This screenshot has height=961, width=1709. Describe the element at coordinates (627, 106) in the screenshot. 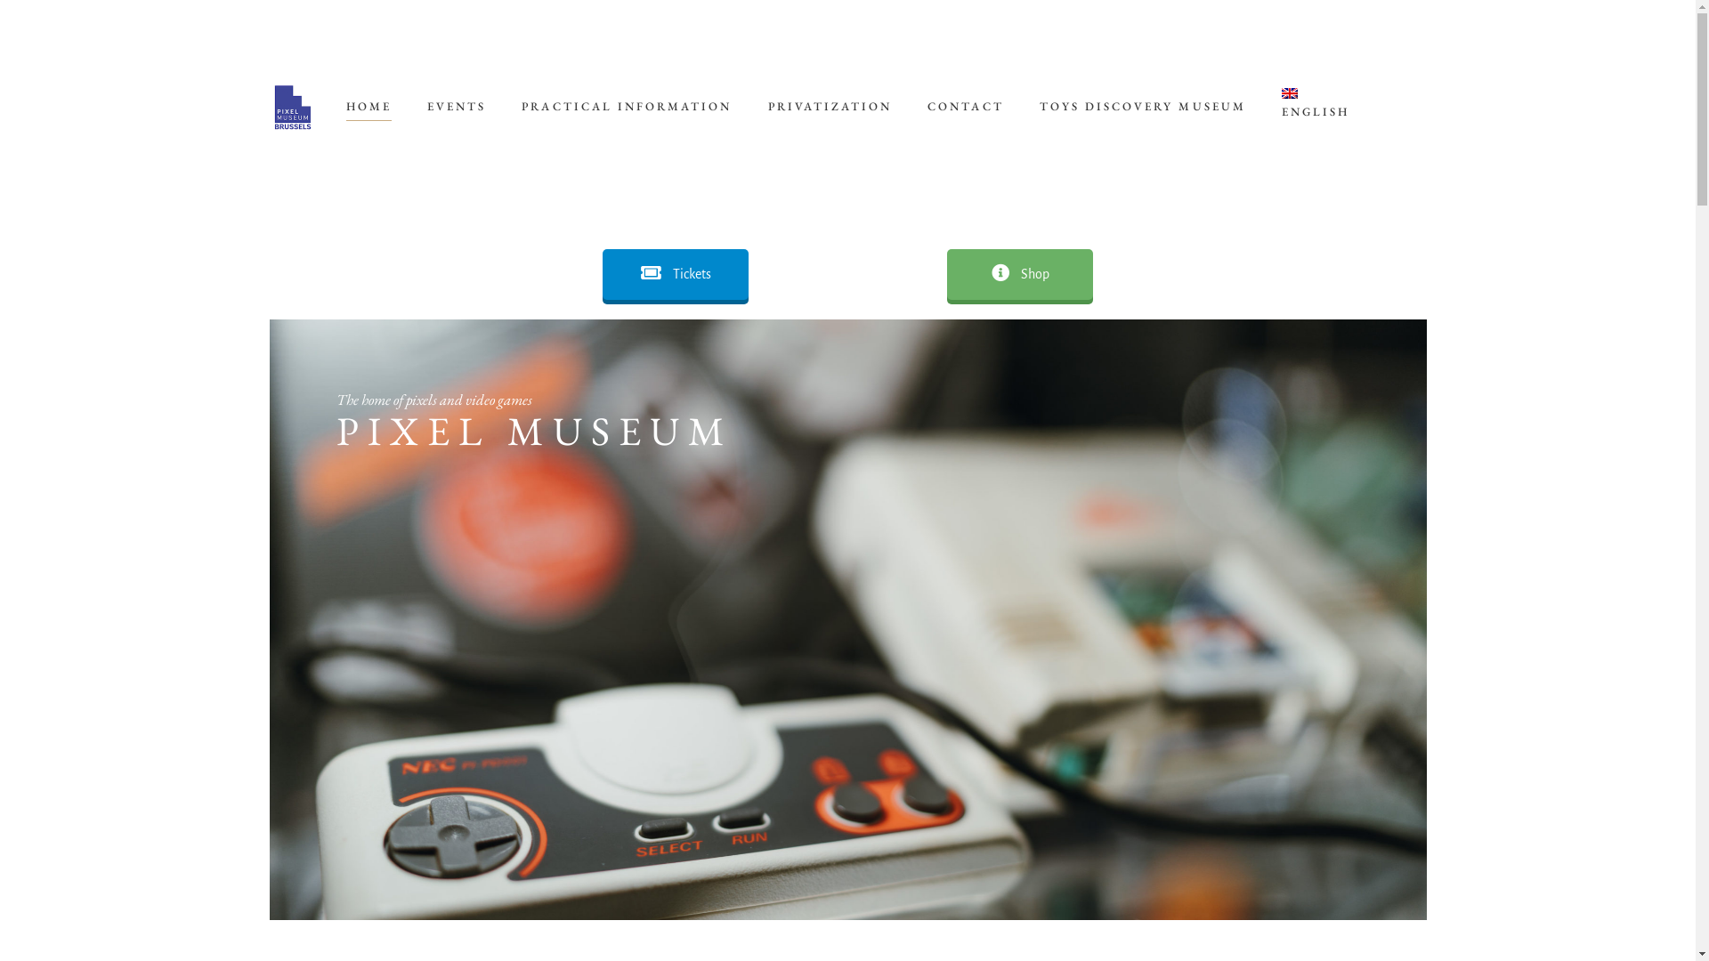

I see `'PRACTICAL INFORMATION'` at that location.